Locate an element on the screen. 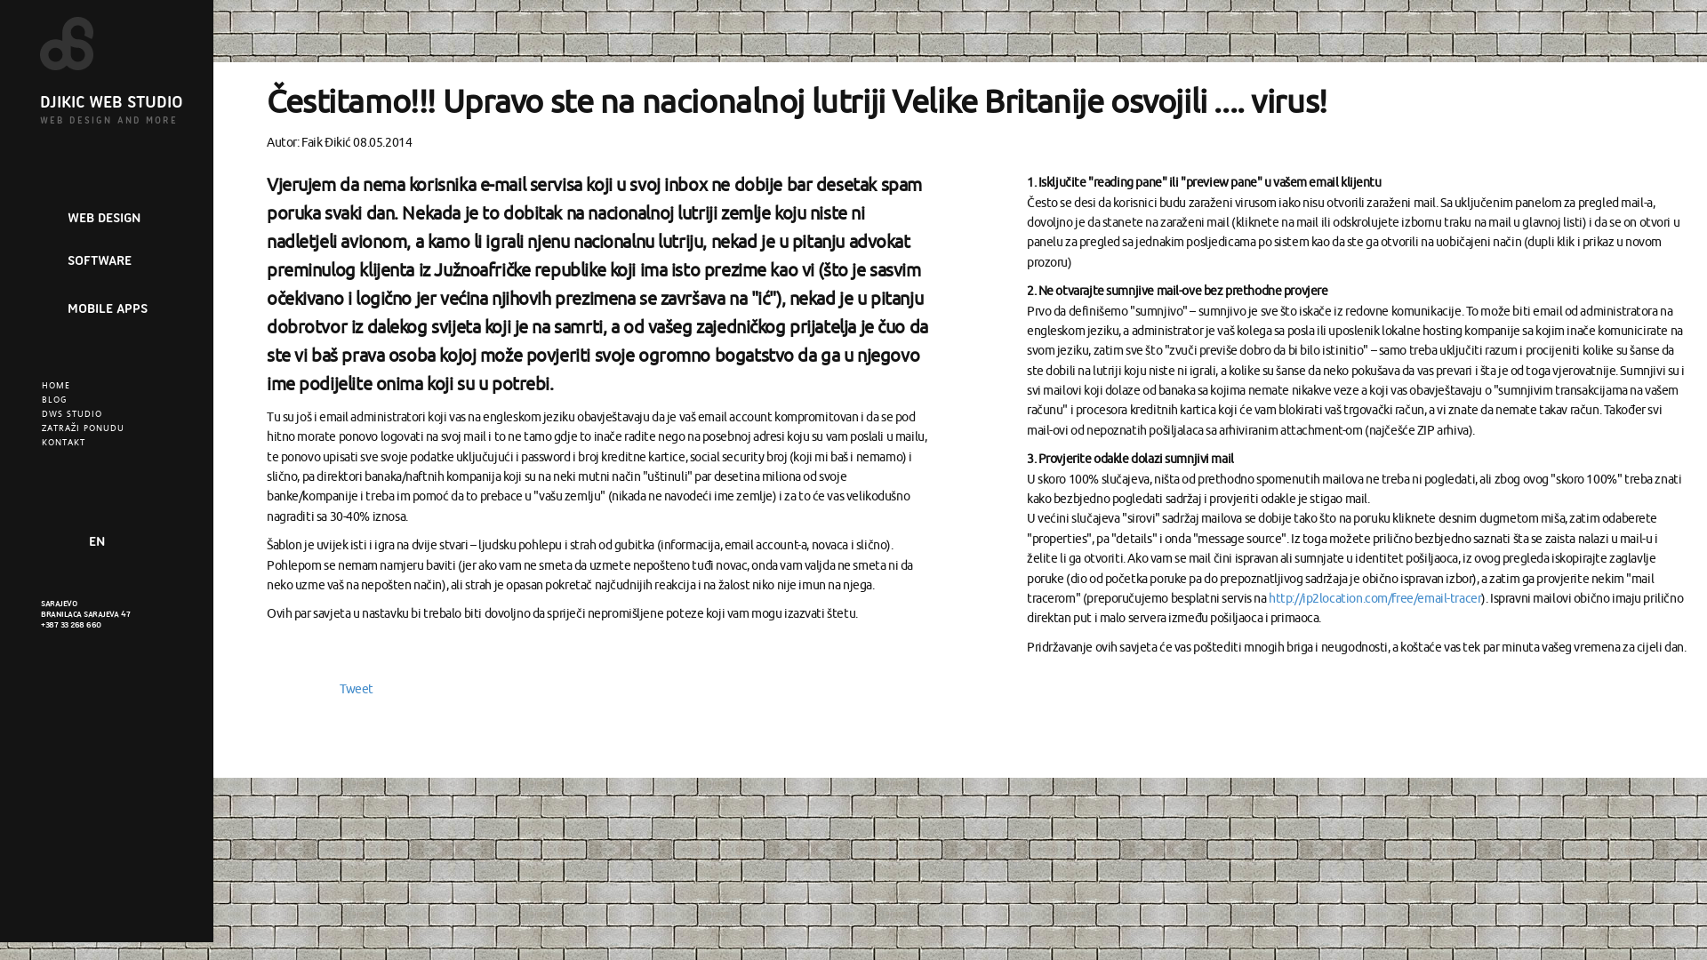 Image resolution: width=1707 pixels, height=960 pixels. 'Djikic Web Studio' is located at coordinates (83, 43).